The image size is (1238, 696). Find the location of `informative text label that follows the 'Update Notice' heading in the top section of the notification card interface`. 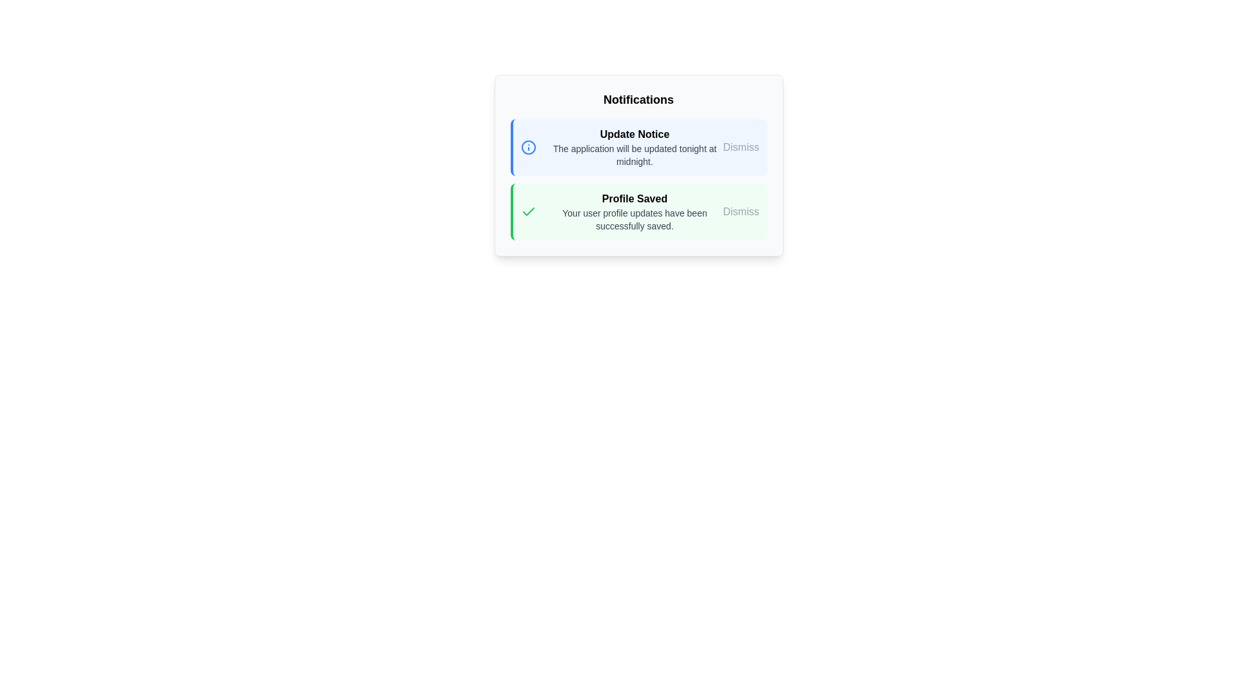

informative text label that follows the 'Update Notice' heading in the top section of the notification card interface is located at coordinates (634, 154).